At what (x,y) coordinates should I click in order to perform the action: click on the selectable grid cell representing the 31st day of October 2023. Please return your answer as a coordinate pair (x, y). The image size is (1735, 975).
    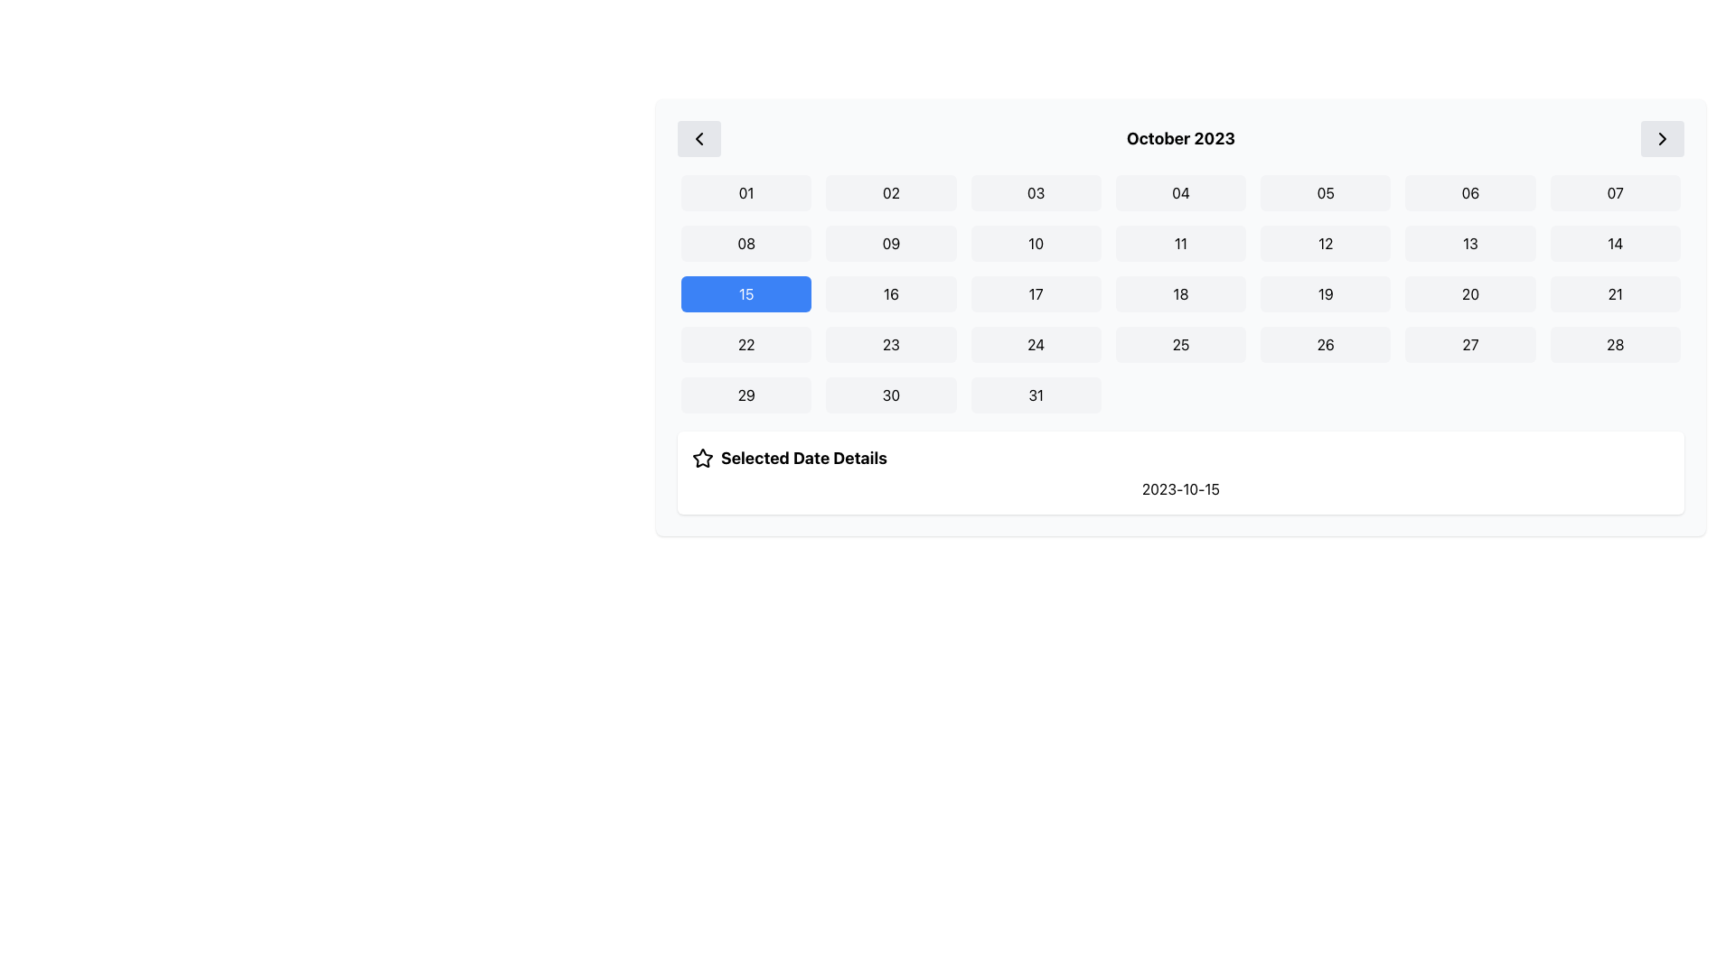
    Looking at the image, I should click on (1036, 395).